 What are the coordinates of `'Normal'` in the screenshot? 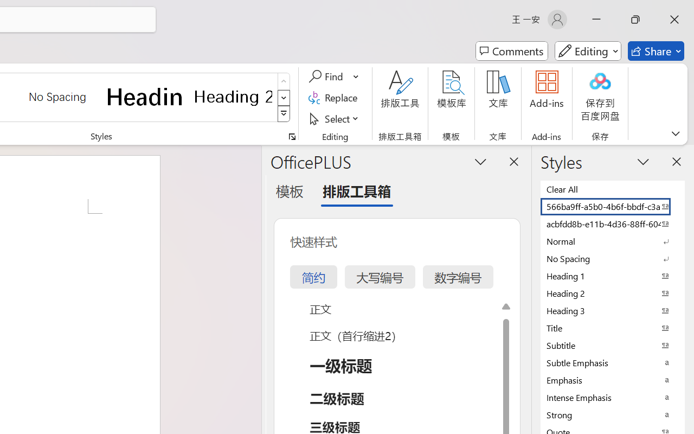 It's located at (613, 240).